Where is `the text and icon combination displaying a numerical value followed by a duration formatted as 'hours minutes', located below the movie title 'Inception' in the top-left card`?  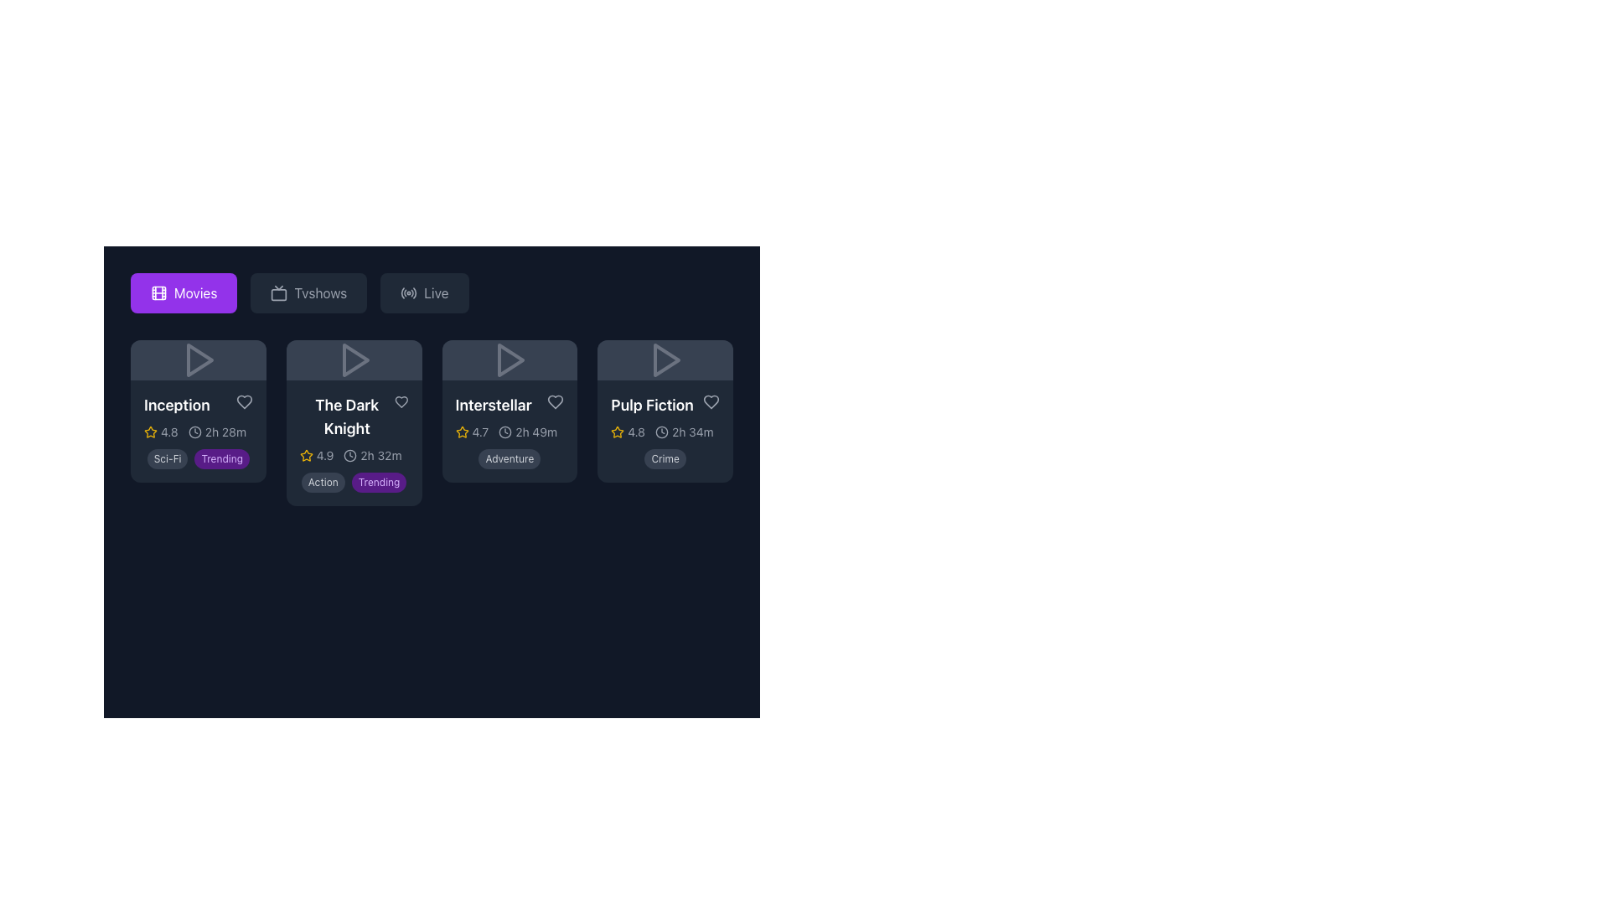 the text and icon combination displaying a numerical value followed by a duration formatted as 'hours minutes', located below the movie title 'Inception' in the top-left card is located at coordinates (198, 432).